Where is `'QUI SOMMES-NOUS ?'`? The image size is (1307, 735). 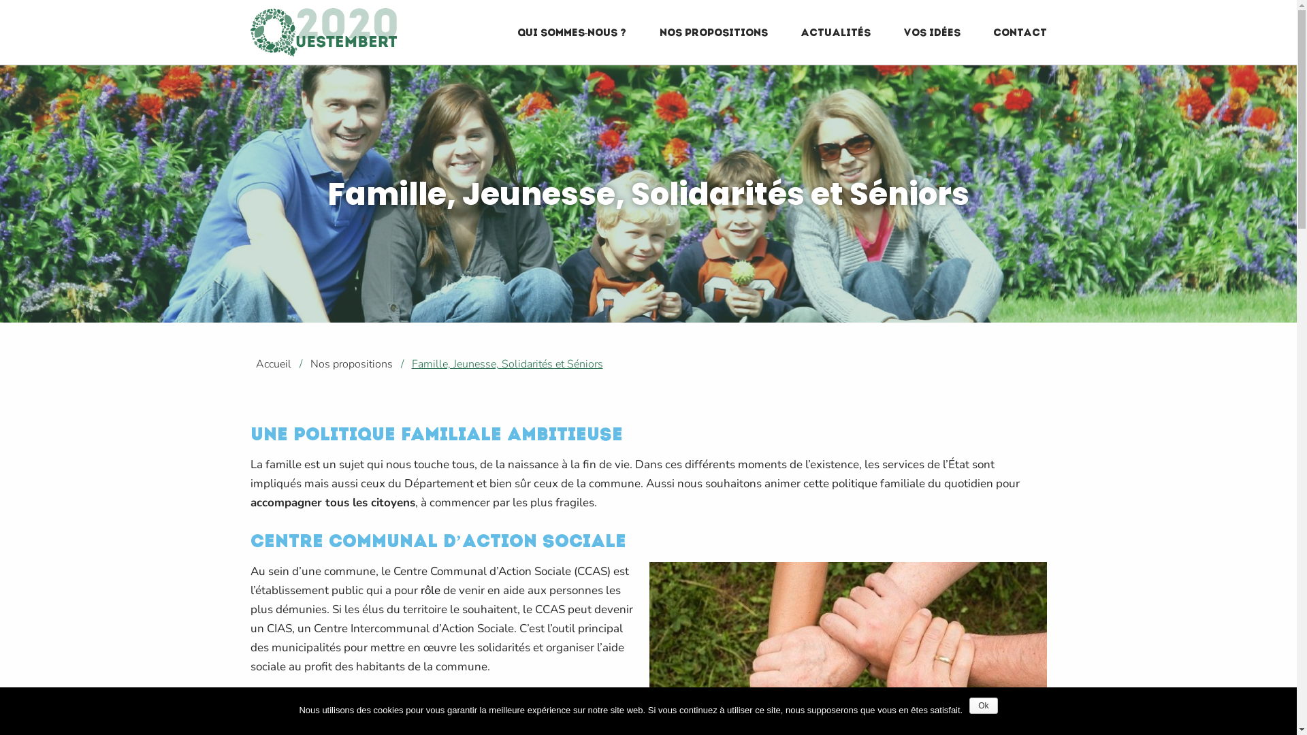
'QUI SOMMES-NOUS ?' is located at coordinates (572, 31).